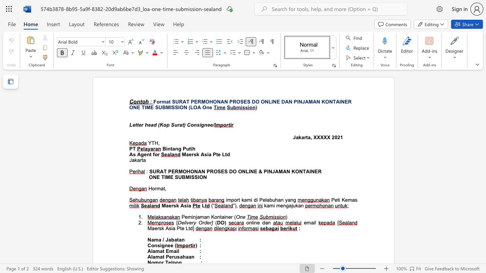 The image size is (486, 273). What do you see at coordinates (178, 177) in the screenshot?
I see `the space between the continuous character "S" and "U" in the text` at bounding box center [178, 177].